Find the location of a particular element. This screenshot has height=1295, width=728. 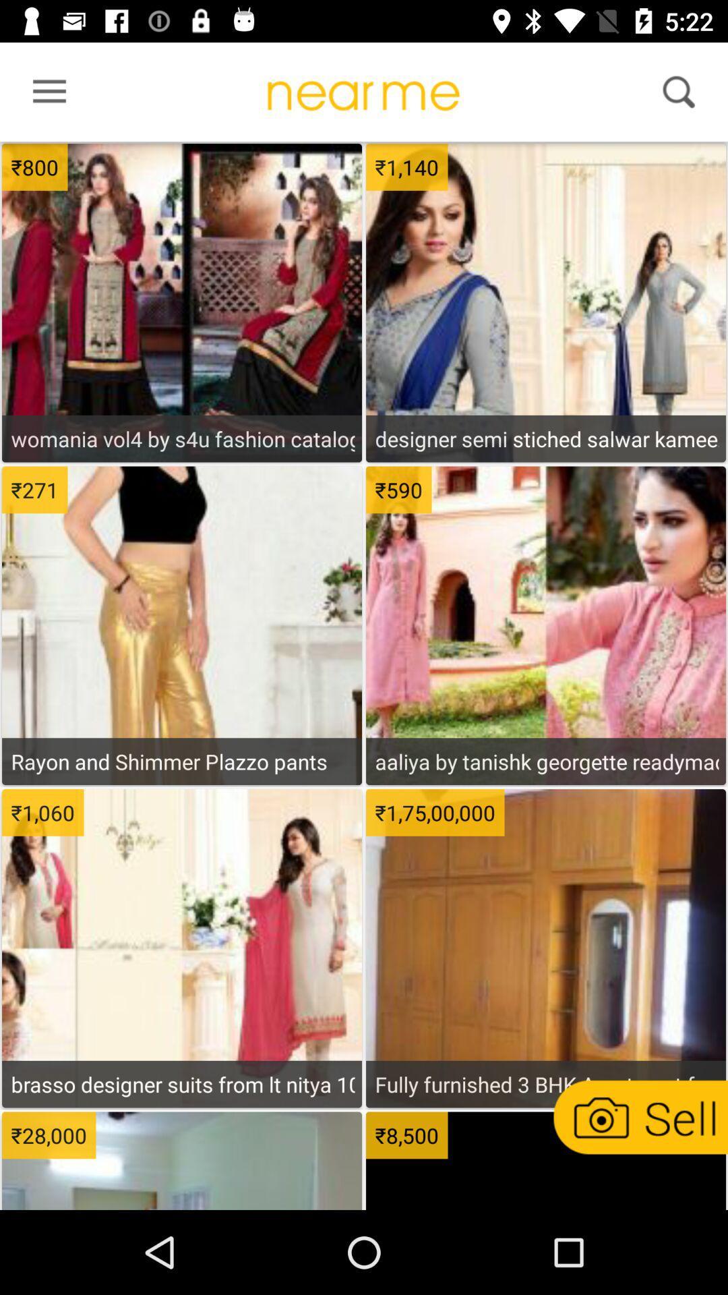

upload photos of the product to sell is located at coordinates (638, 1117).